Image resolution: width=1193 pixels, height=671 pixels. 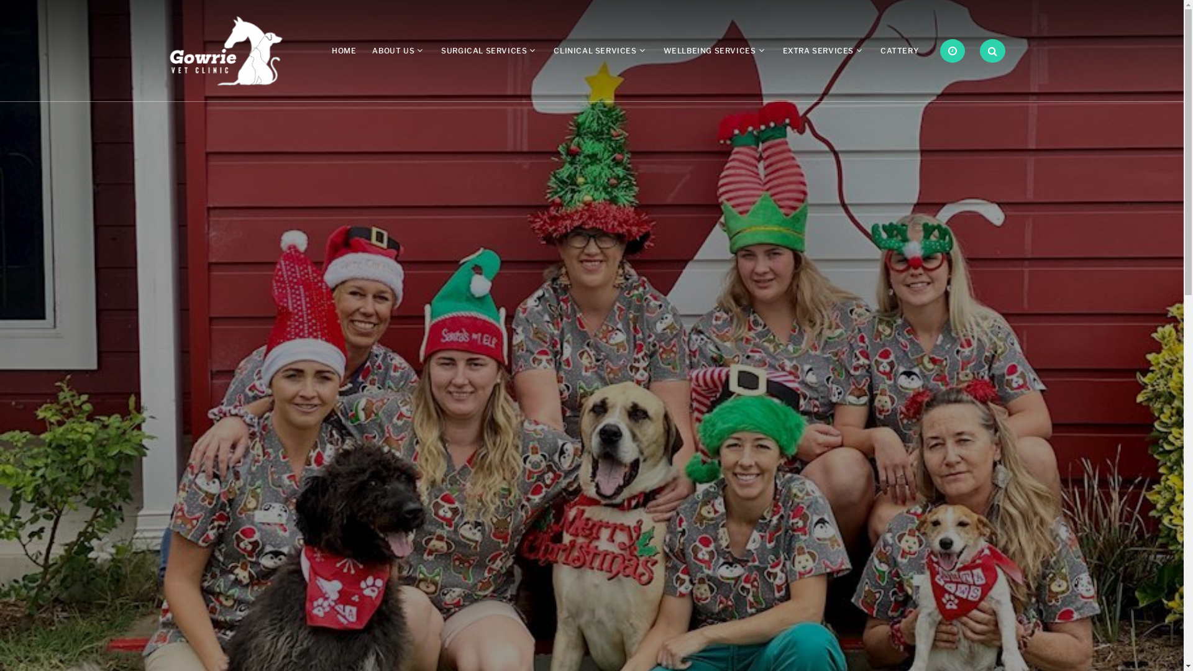 I want to click on 'CATTERY', so click(x=899, y=50).